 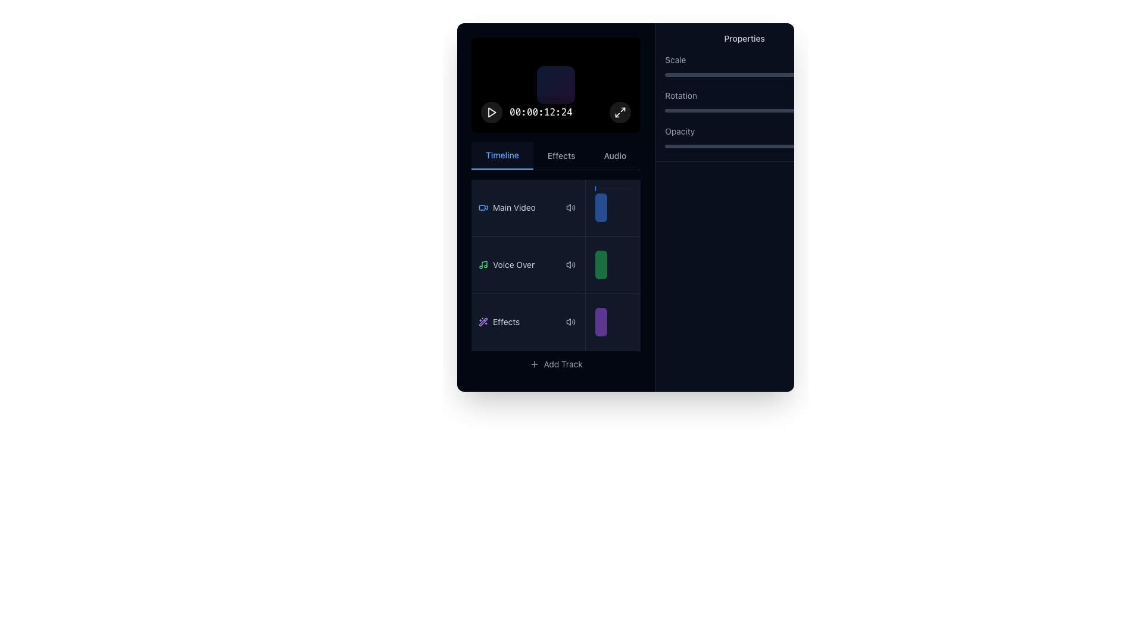 What do you see at coordinates (682, 75) in the screenshot?
I see `the scale slider` at bounding box center [682, 75].